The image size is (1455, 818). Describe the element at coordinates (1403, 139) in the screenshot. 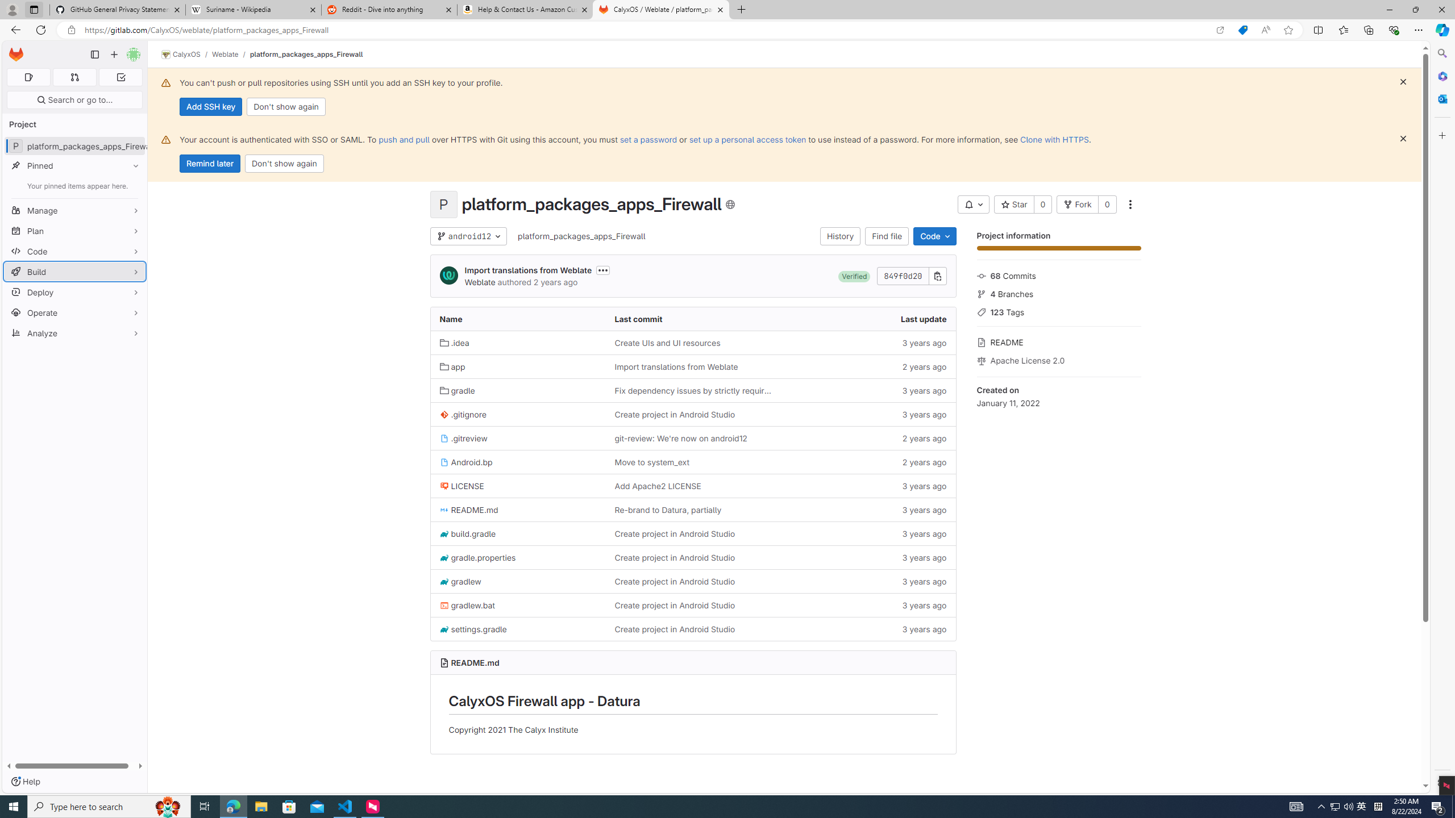

I see `'Dismiss'` at that location.